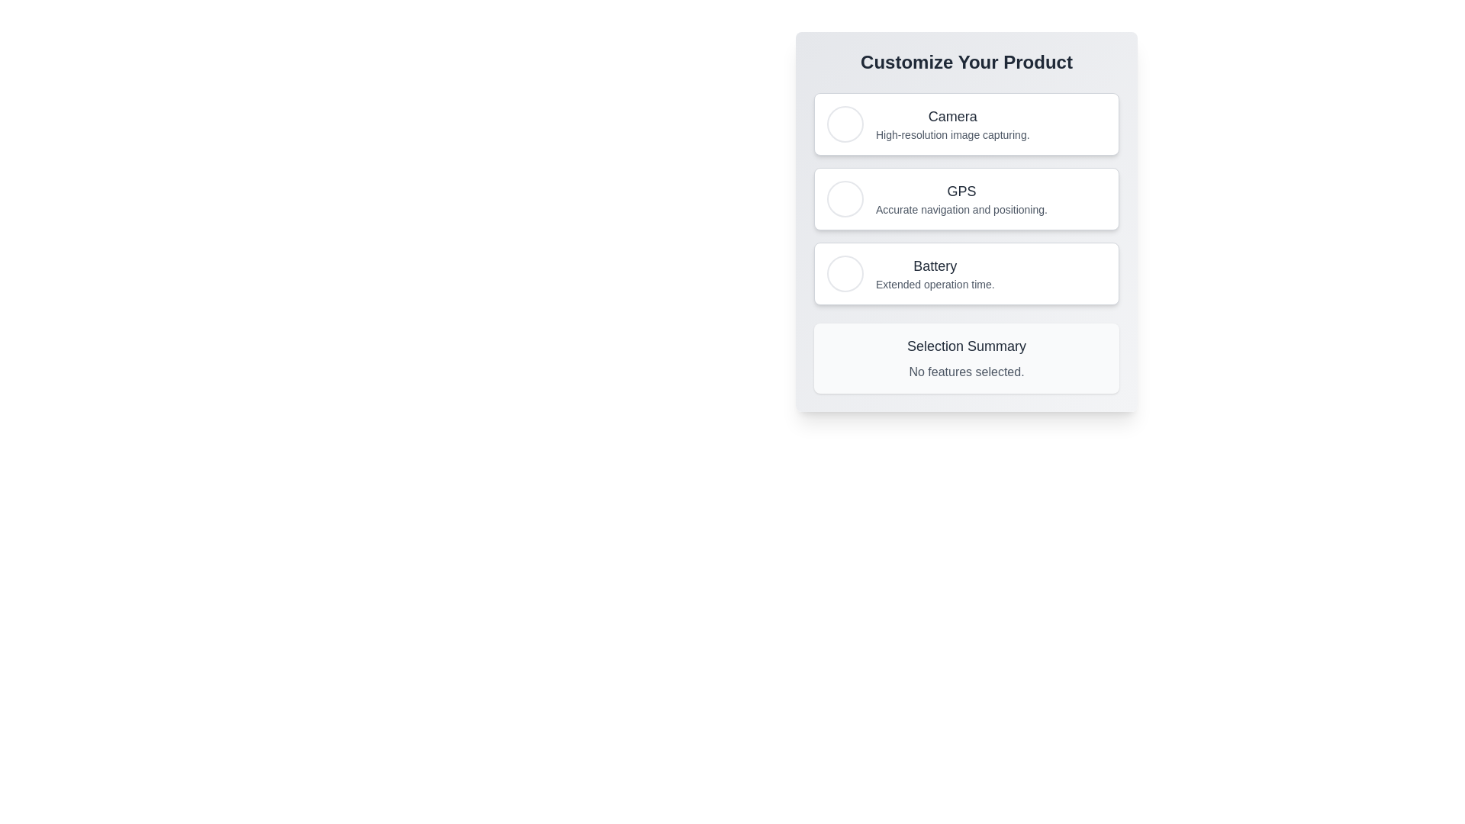 This screenshot has width=1465, height=824. I want to click on the static text label that reads 'No features selected.' which is styled in gray color and appears below the title in the 'Selection Summary' section, so click(966, 372).